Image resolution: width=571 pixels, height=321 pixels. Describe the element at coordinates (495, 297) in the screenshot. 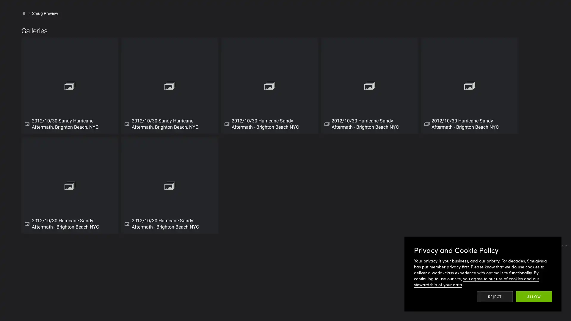

I see `REJECT` at that location.